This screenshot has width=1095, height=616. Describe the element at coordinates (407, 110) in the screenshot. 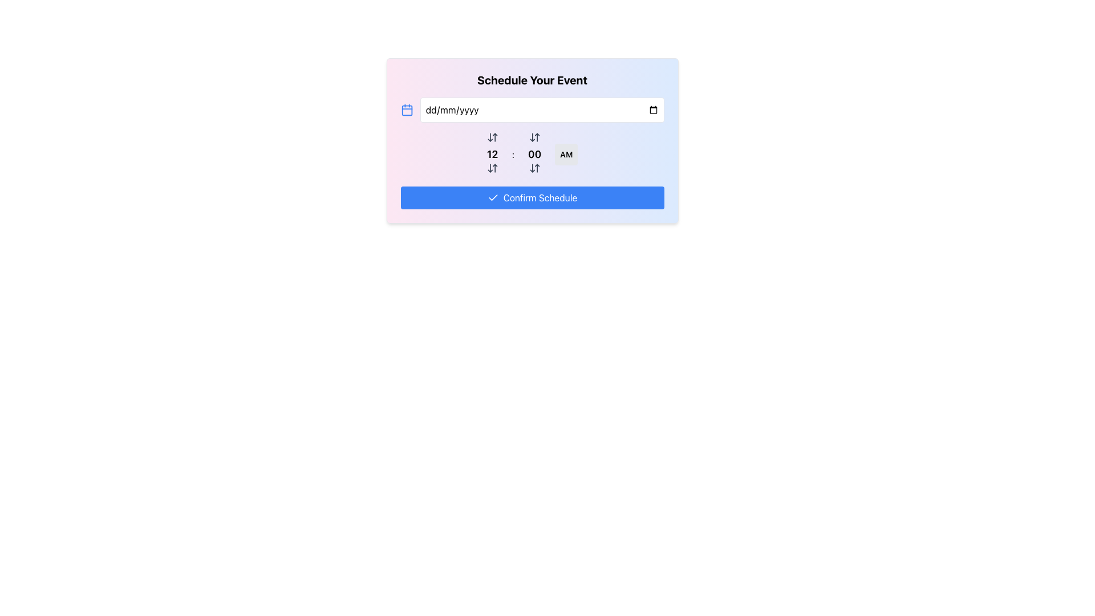

I see `the blue calendar icon button located to the left of the date input field` at that location.